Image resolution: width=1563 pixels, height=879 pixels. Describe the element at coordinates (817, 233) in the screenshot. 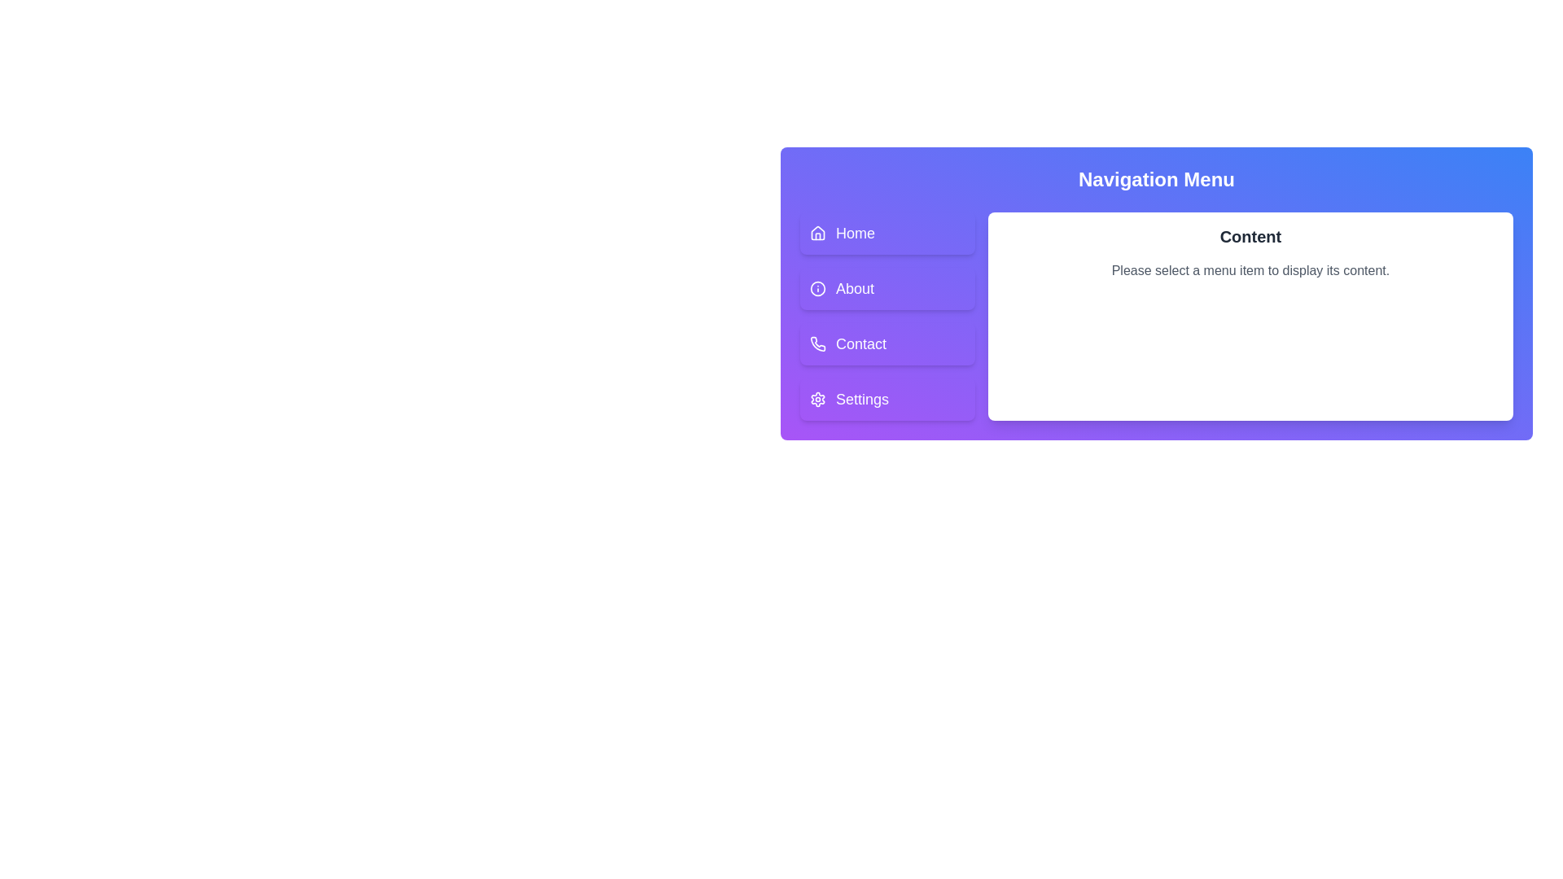

I see `the house icon located in the 'Home' menu item` at that location.